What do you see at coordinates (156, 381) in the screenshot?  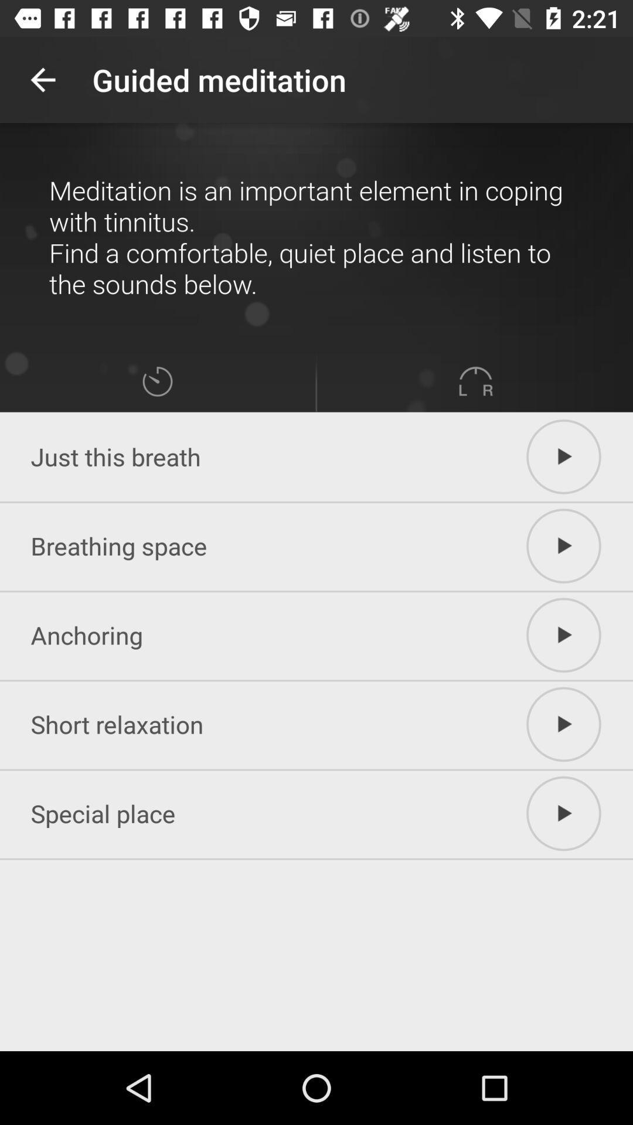 I see `sort by time` at bounding box center [156, 381].